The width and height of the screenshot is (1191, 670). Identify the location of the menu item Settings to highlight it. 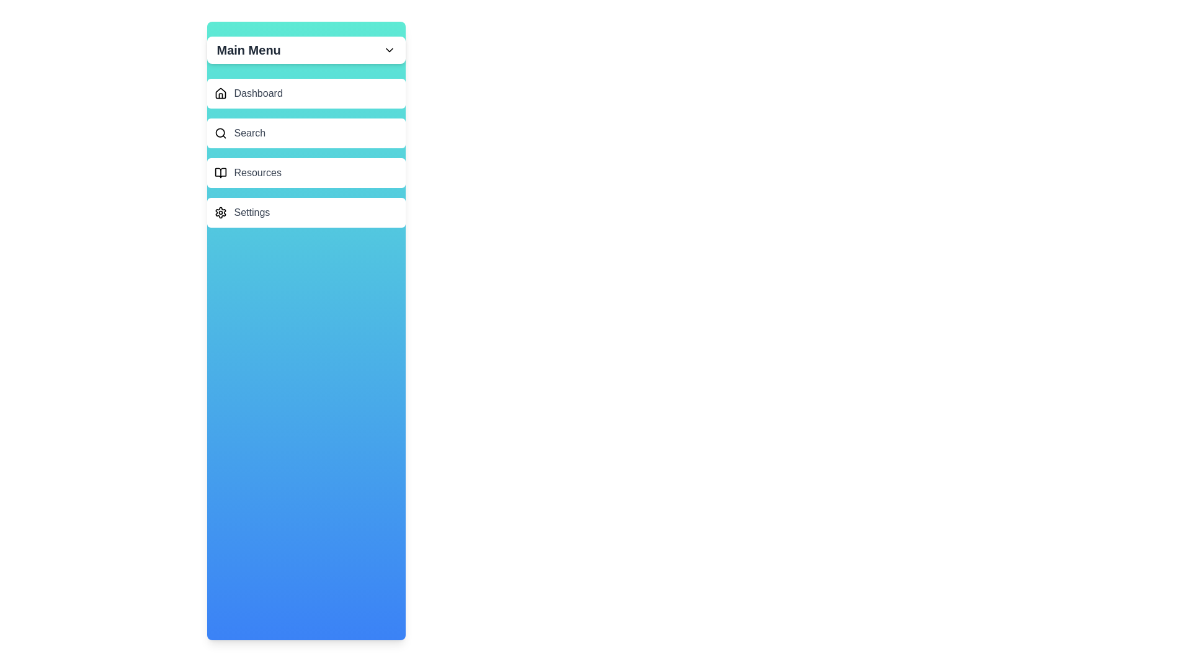
(306, 212).